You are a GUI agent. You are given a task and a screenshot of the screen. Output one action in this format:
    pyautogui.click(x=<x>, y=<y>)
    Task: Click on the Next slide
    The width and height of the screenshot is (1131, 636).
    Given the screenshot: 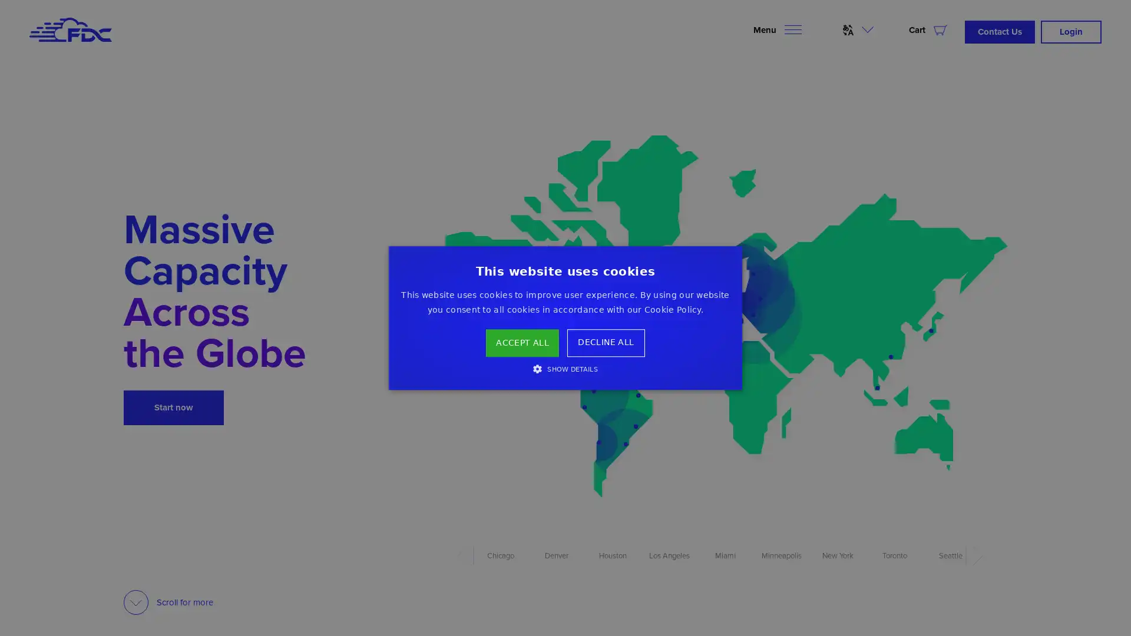 What is the action you would take?
    pyautogui.click(x=974, y=556)
    